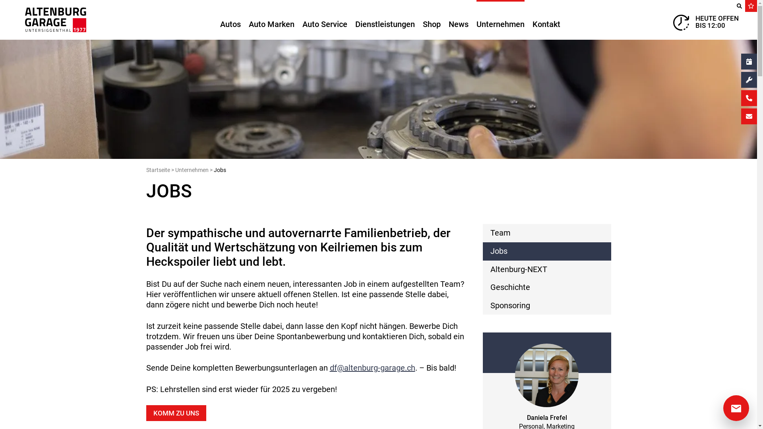  I want to click on 'Autos', so click(230, 19).